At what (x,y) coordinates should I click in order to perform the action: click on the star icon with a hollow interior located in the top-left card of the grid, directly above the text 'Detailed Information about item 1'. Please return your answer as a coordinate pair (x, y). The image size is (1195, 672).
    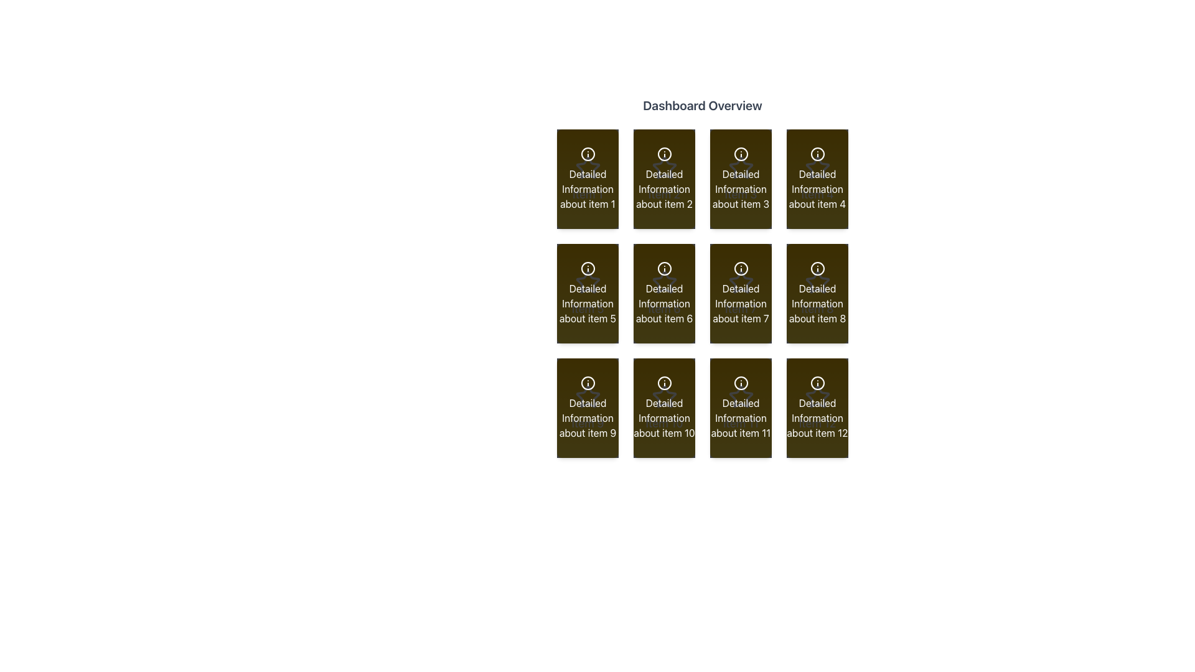
    Looking at the image, I should click on (587, 167).